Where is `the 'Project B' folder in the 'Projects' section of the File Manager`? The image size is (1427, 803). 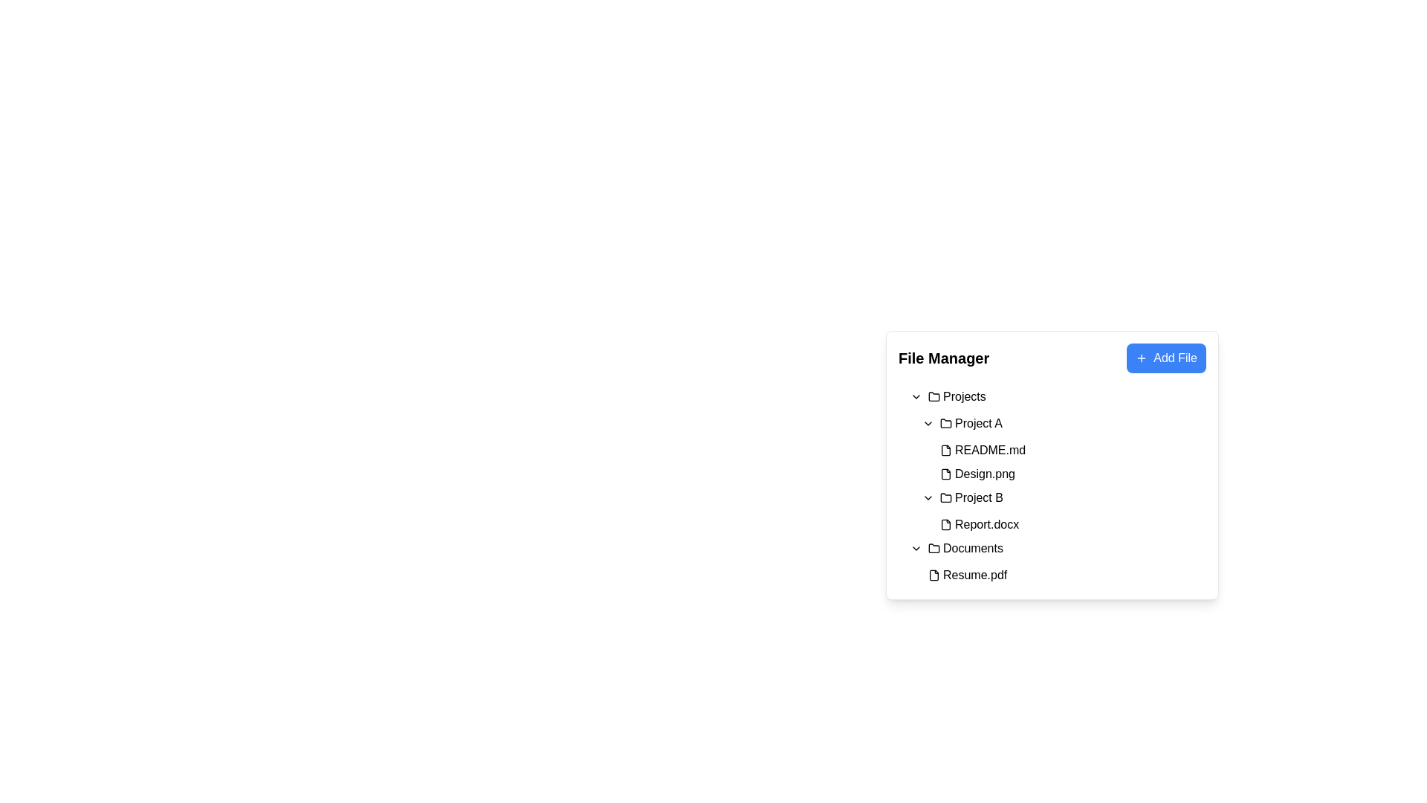
the 'Project B' folder in the 'Projects' section of the File Manager is located at coordinates (979, 498).